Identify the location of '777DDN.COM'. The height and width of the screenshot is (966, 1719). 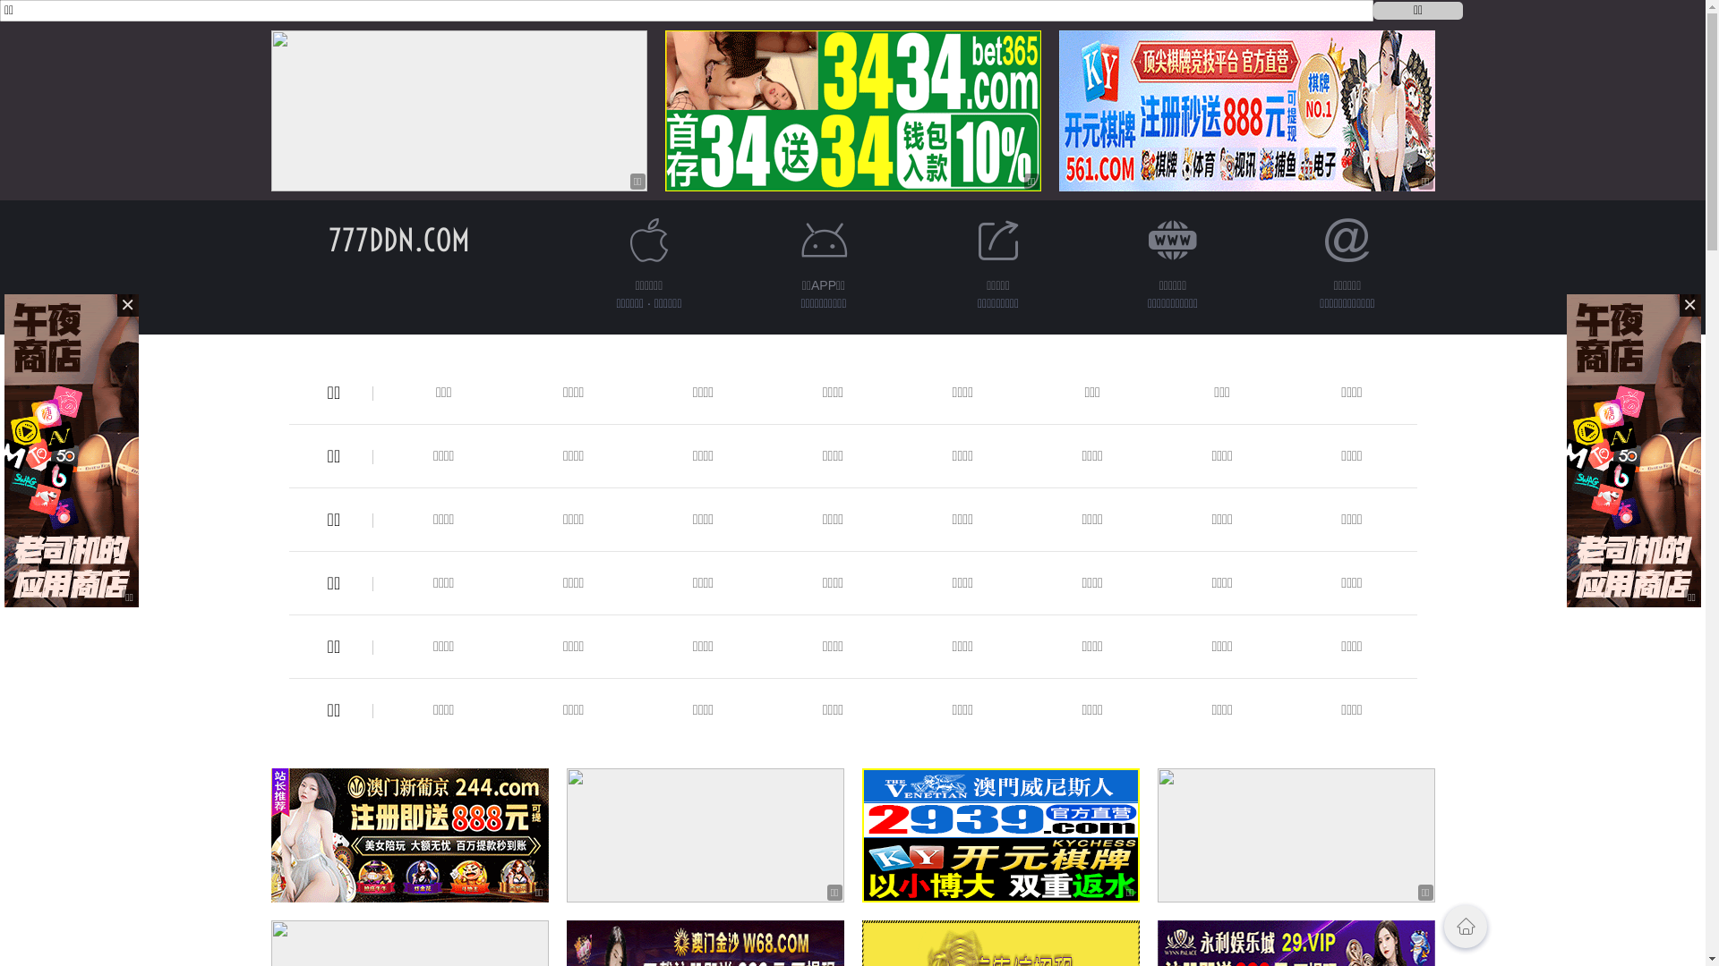
(398, 239).